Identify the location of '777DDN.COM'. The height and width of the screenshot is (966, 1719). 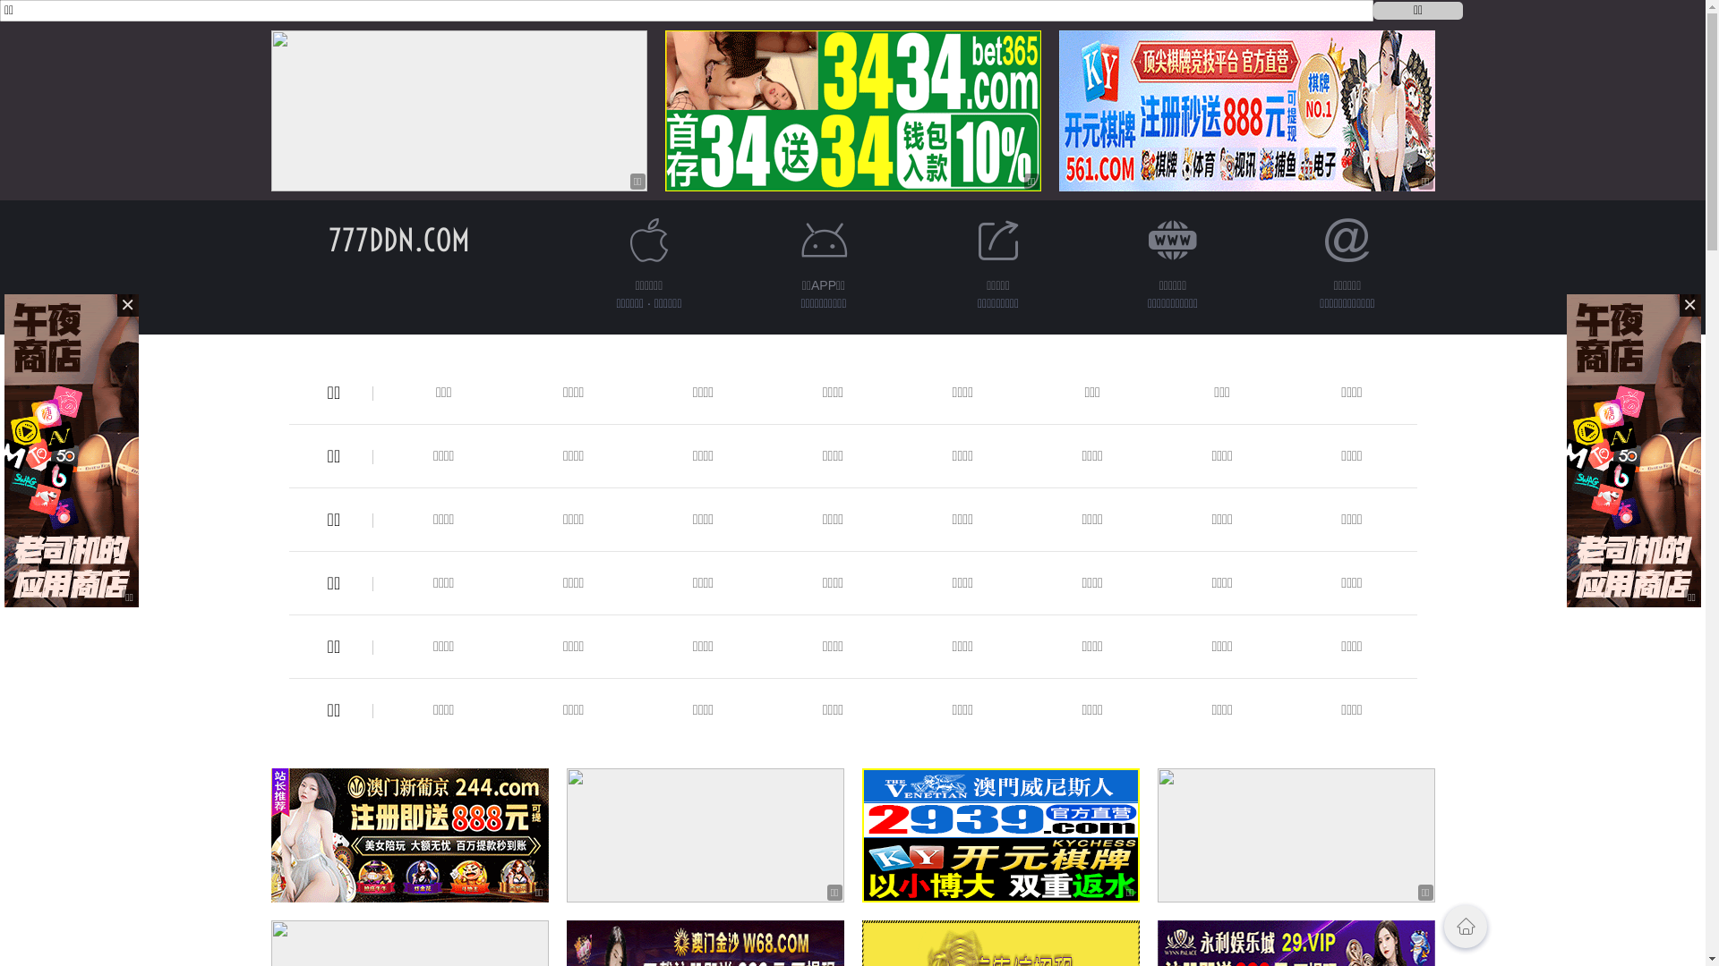
(398, 239).